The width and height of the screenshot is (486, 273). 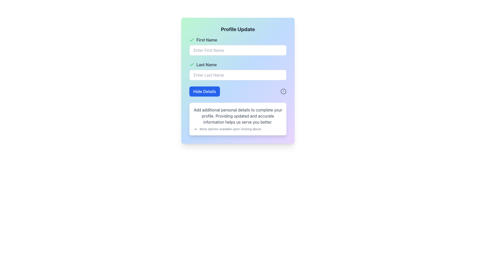 What do you see at coordinates (231, 129) in the screenshot?
I see `the small, light gray text string that reads 'More options available upon clicking above.' positioned below a collapsible section control in a card interface` at bounding box center [231, 129].